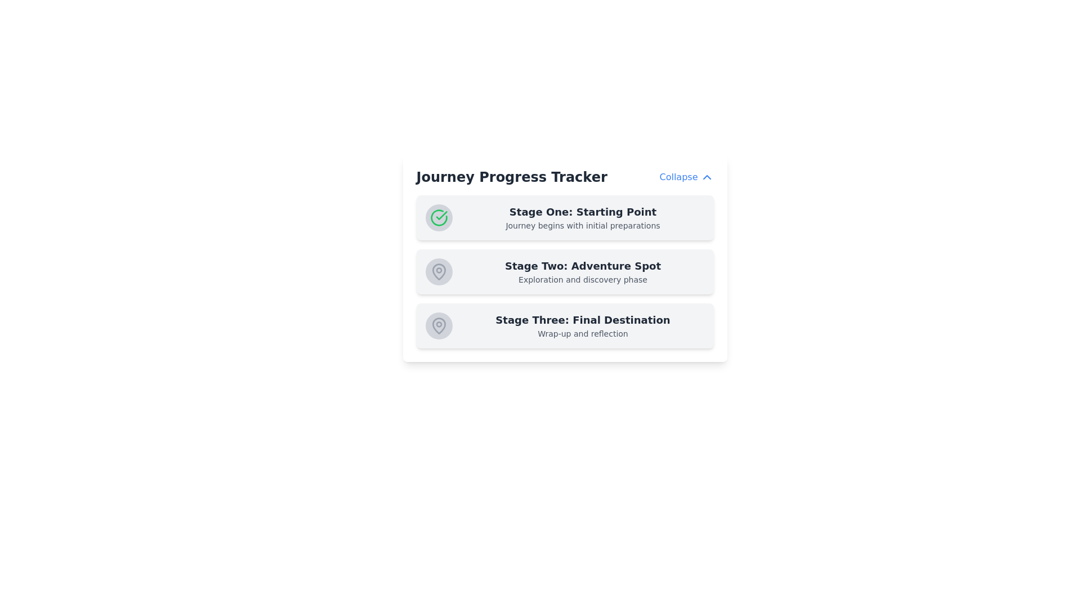 The width and height of the screenshot is (1081, 608). What do you see at coordinates (438, 271) in the screenshot?
I see `the leftmost circular icon with a light-gray background and a map pin symbol in gray, located in the middle section of the Journey Progress Tracker under 'Stage Two: Adventure Spot'` at bounding box center [438, 271].